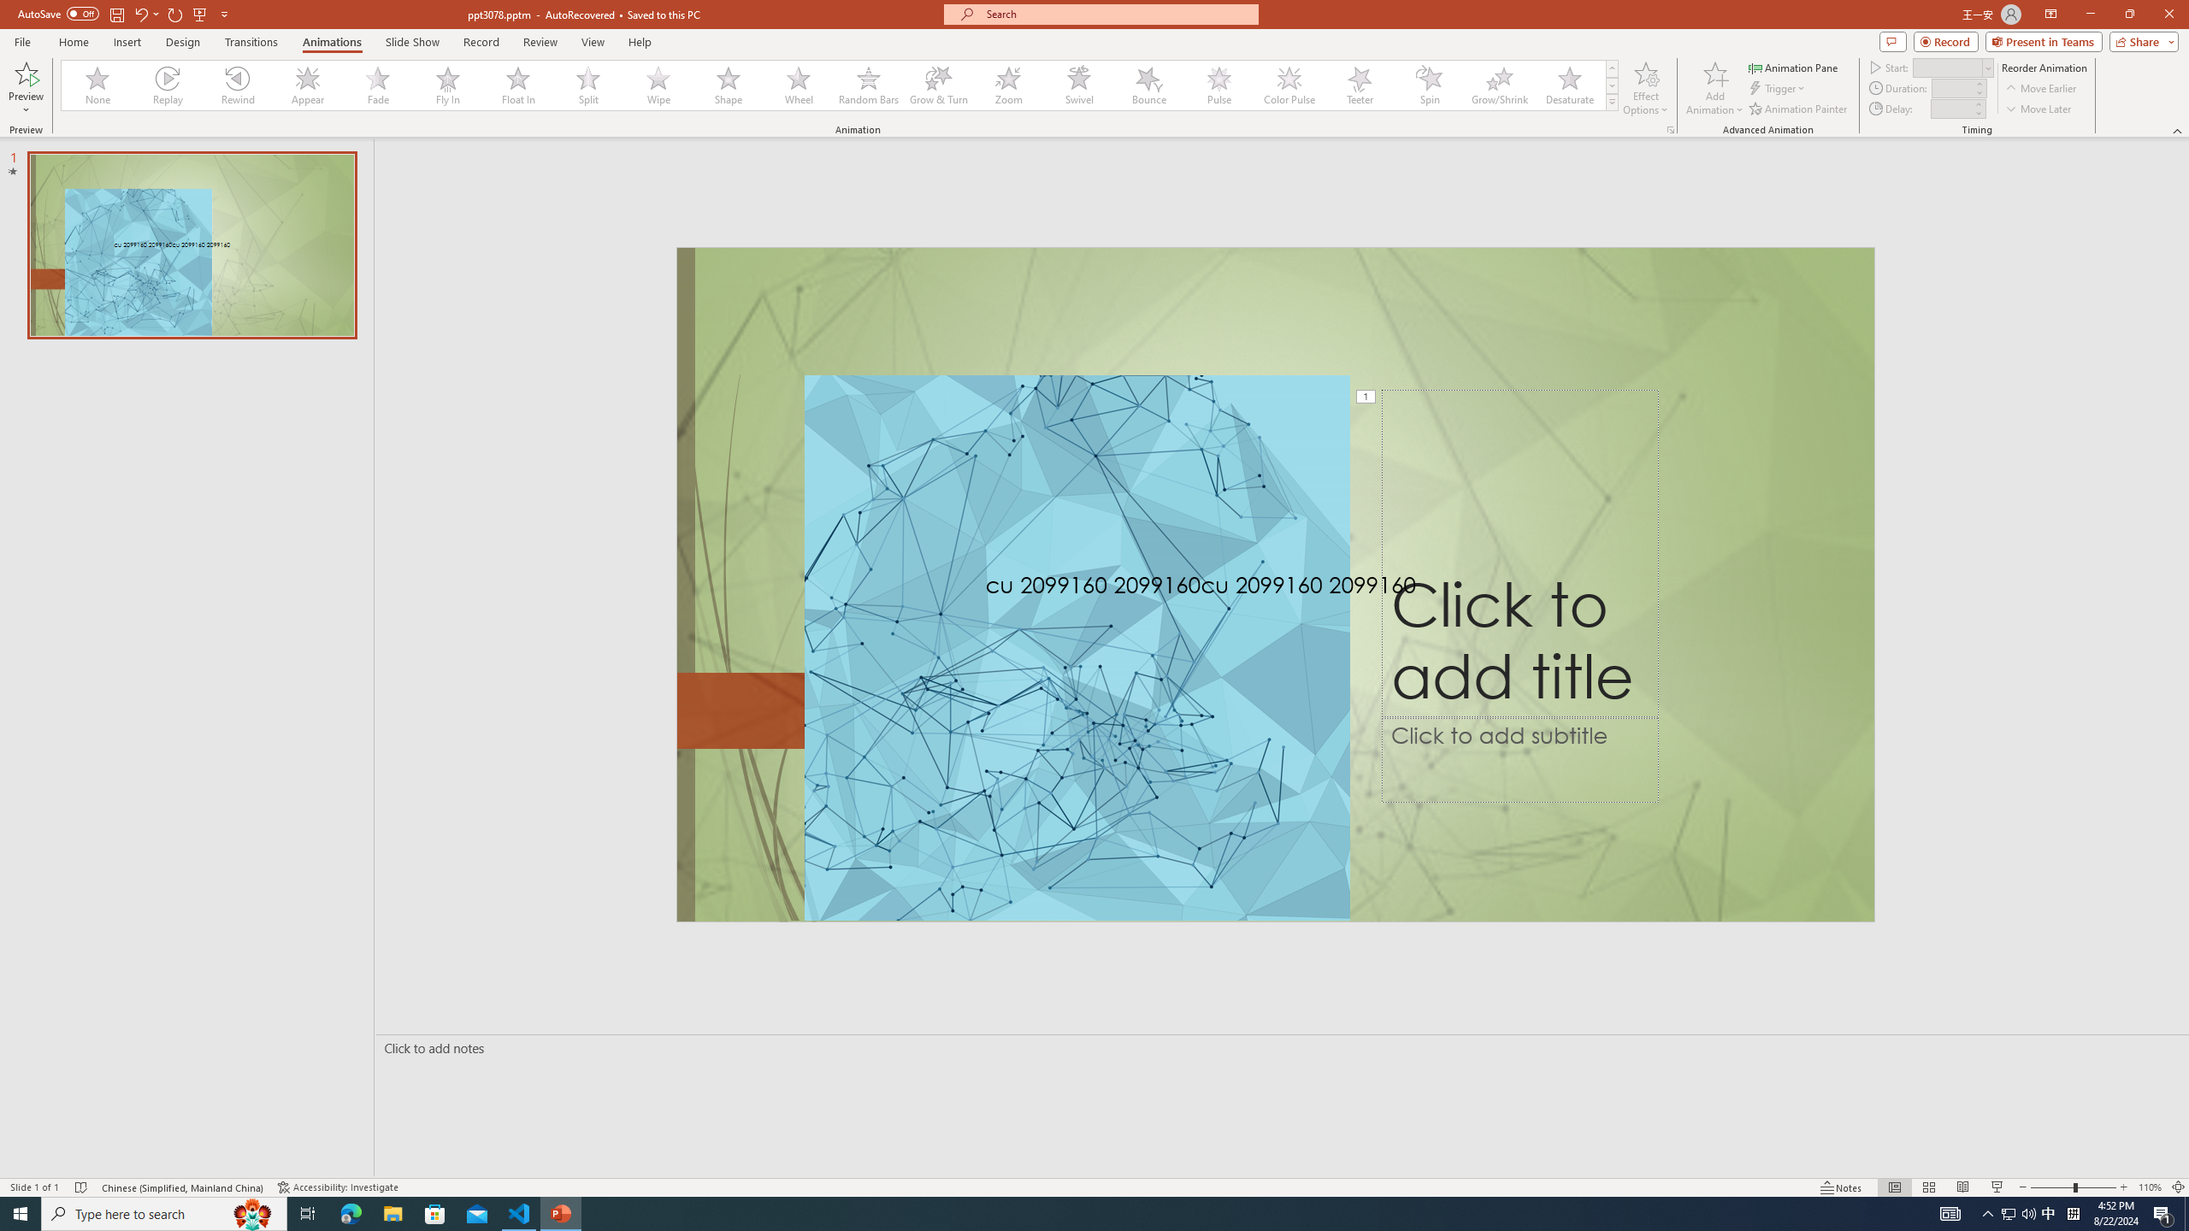  I want to click on 'Wheel', so click(798, 85).